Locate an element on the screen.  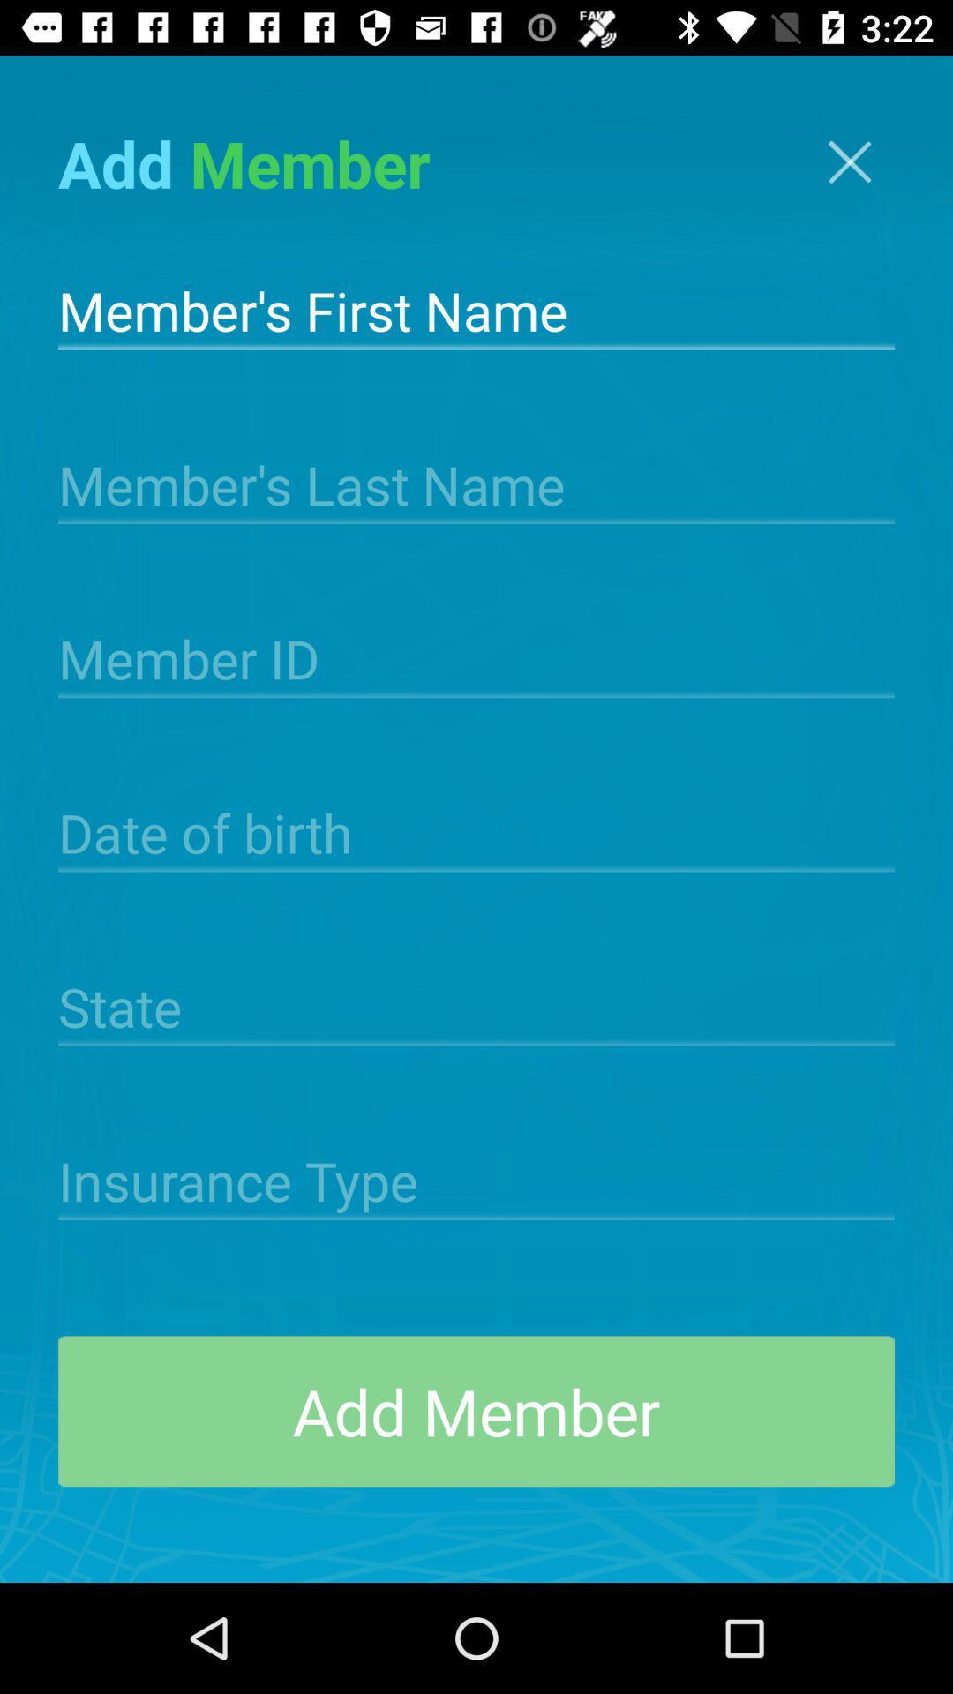
the icon above add member is located at coordinates (476, 1179).